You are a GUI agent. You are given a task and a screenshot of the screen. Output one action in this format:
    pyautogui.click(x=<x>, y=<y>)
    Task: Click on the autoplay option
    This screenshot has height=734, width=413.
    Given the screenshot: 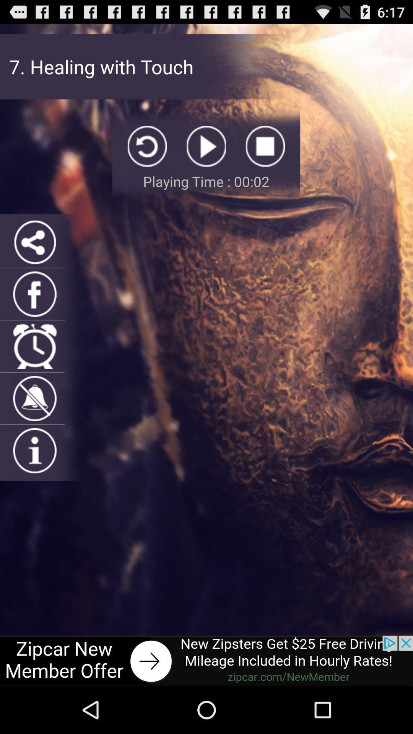 What is the action you would take?
    pyautogui.click(x=206, y=146)
    